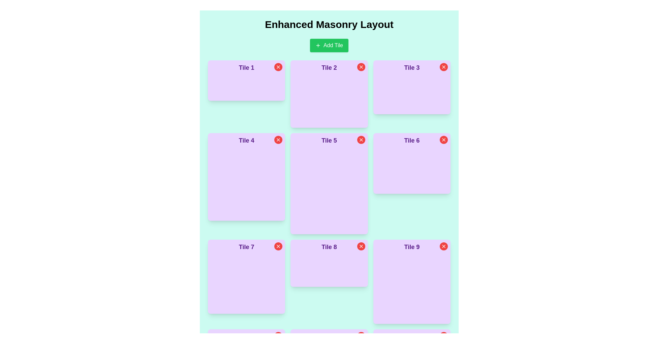 This screenshot has width=647, height=364. I want to click on the circular red button with a white 'X' icon located at the top-right corner of the box labeled 'Tile 4', so click(278, 140).